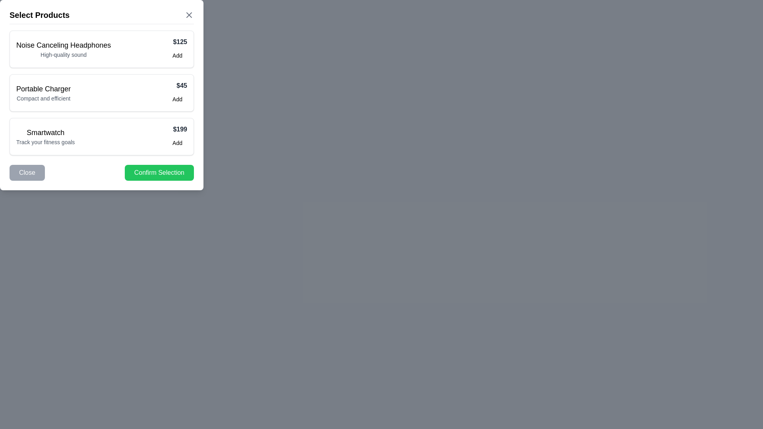 This screenshot has height=429, width=763. I want to click on the 'Close' button with medium-gray background and white text, so click(27, 172).